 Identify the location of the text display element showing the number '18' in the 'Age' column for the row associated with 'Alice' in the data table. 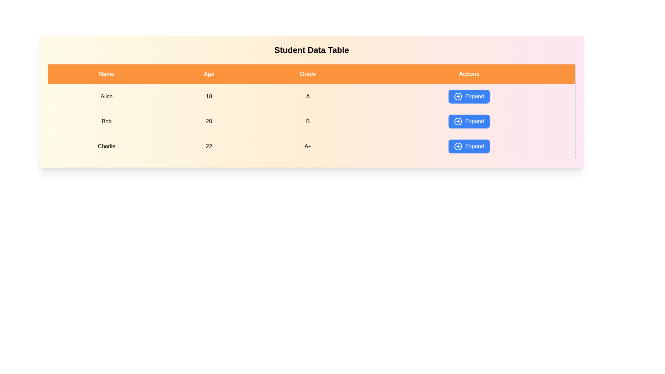
(209, 96).